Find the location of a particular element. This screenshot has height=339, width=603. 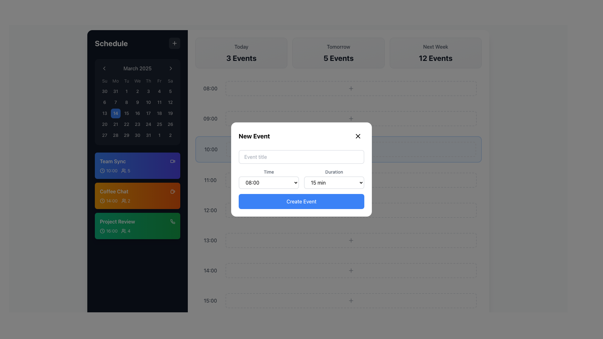

the text label displaying the number of participants for the event 'Team Sync', which shows '5' next to an adjacent icon is located at coordinates (126, 171).